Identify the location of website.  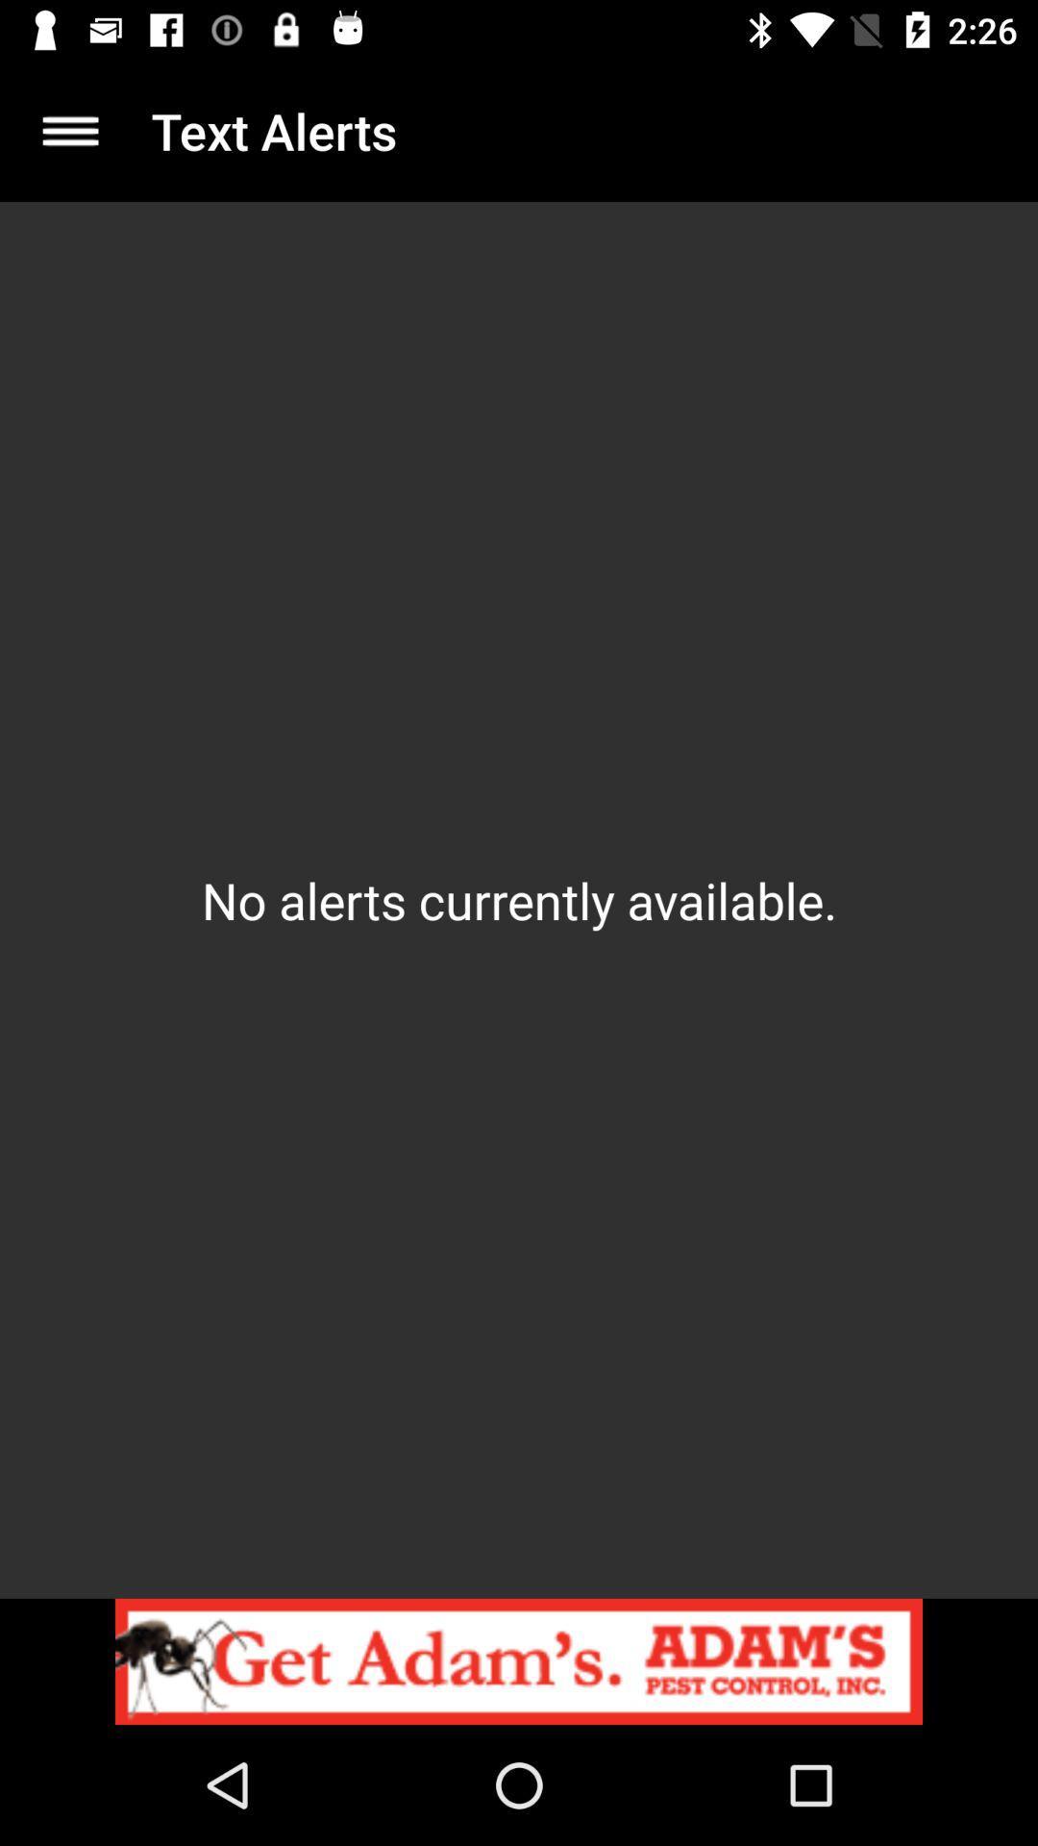
(519, 1660).